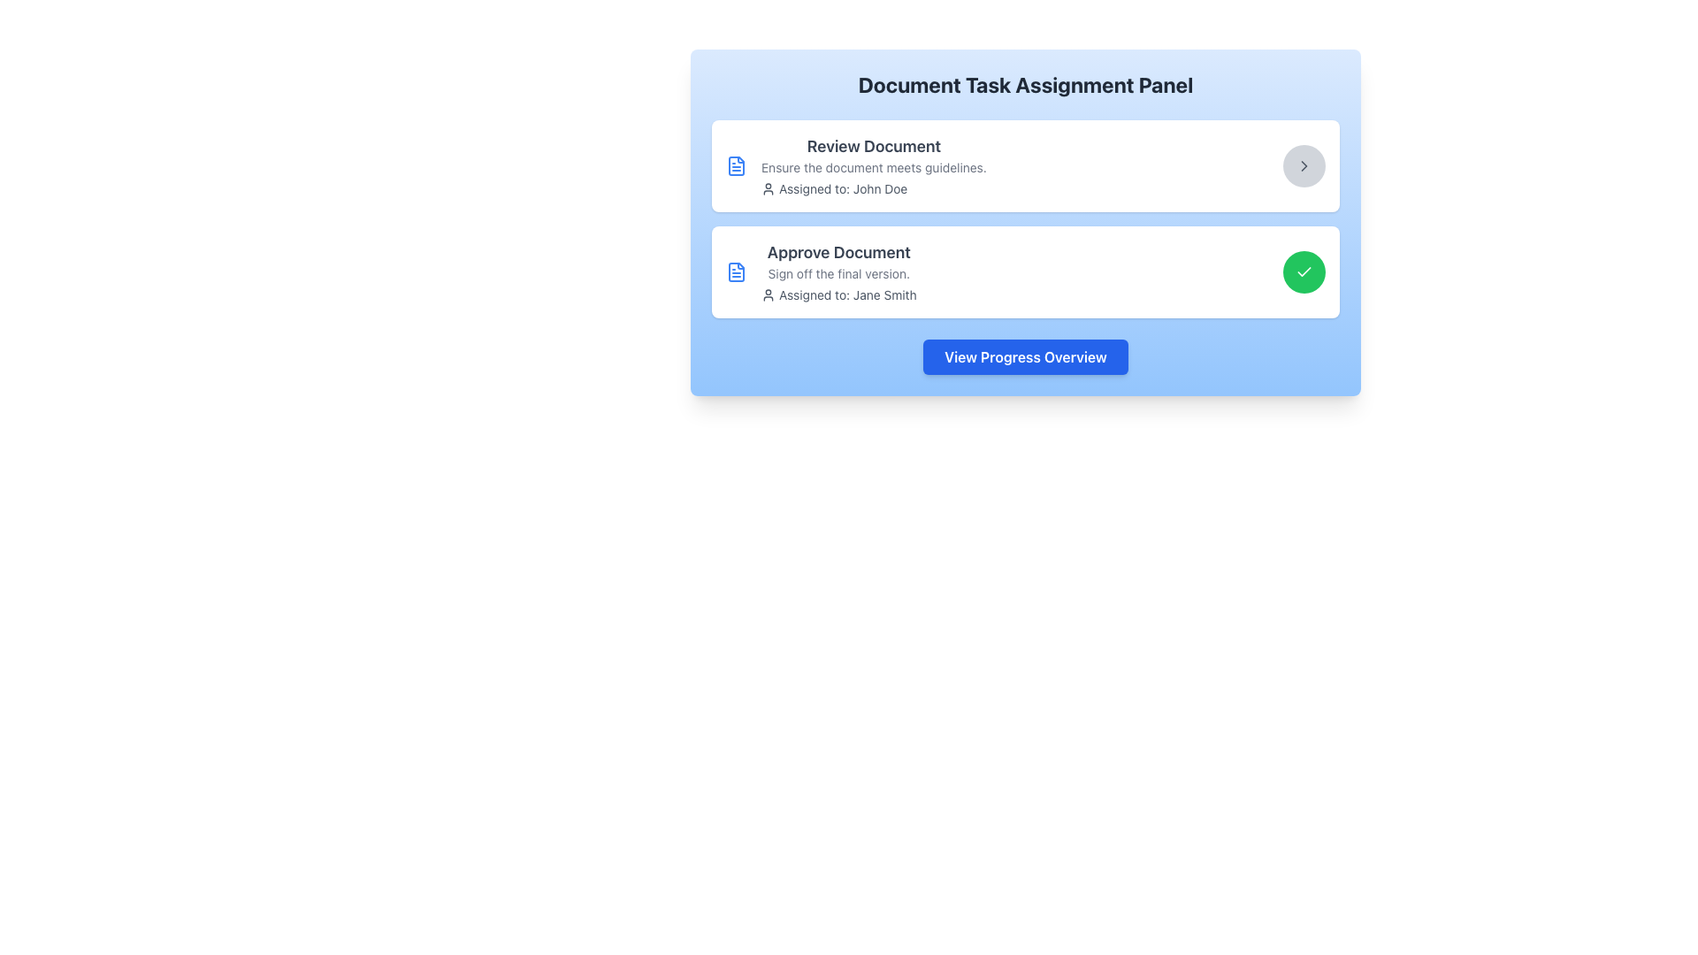 The image size is (1698, 955). I want to click on the document-related icon located at the top left of the task description box adjacent to the 'Review Document' task title, so click(737, 166).